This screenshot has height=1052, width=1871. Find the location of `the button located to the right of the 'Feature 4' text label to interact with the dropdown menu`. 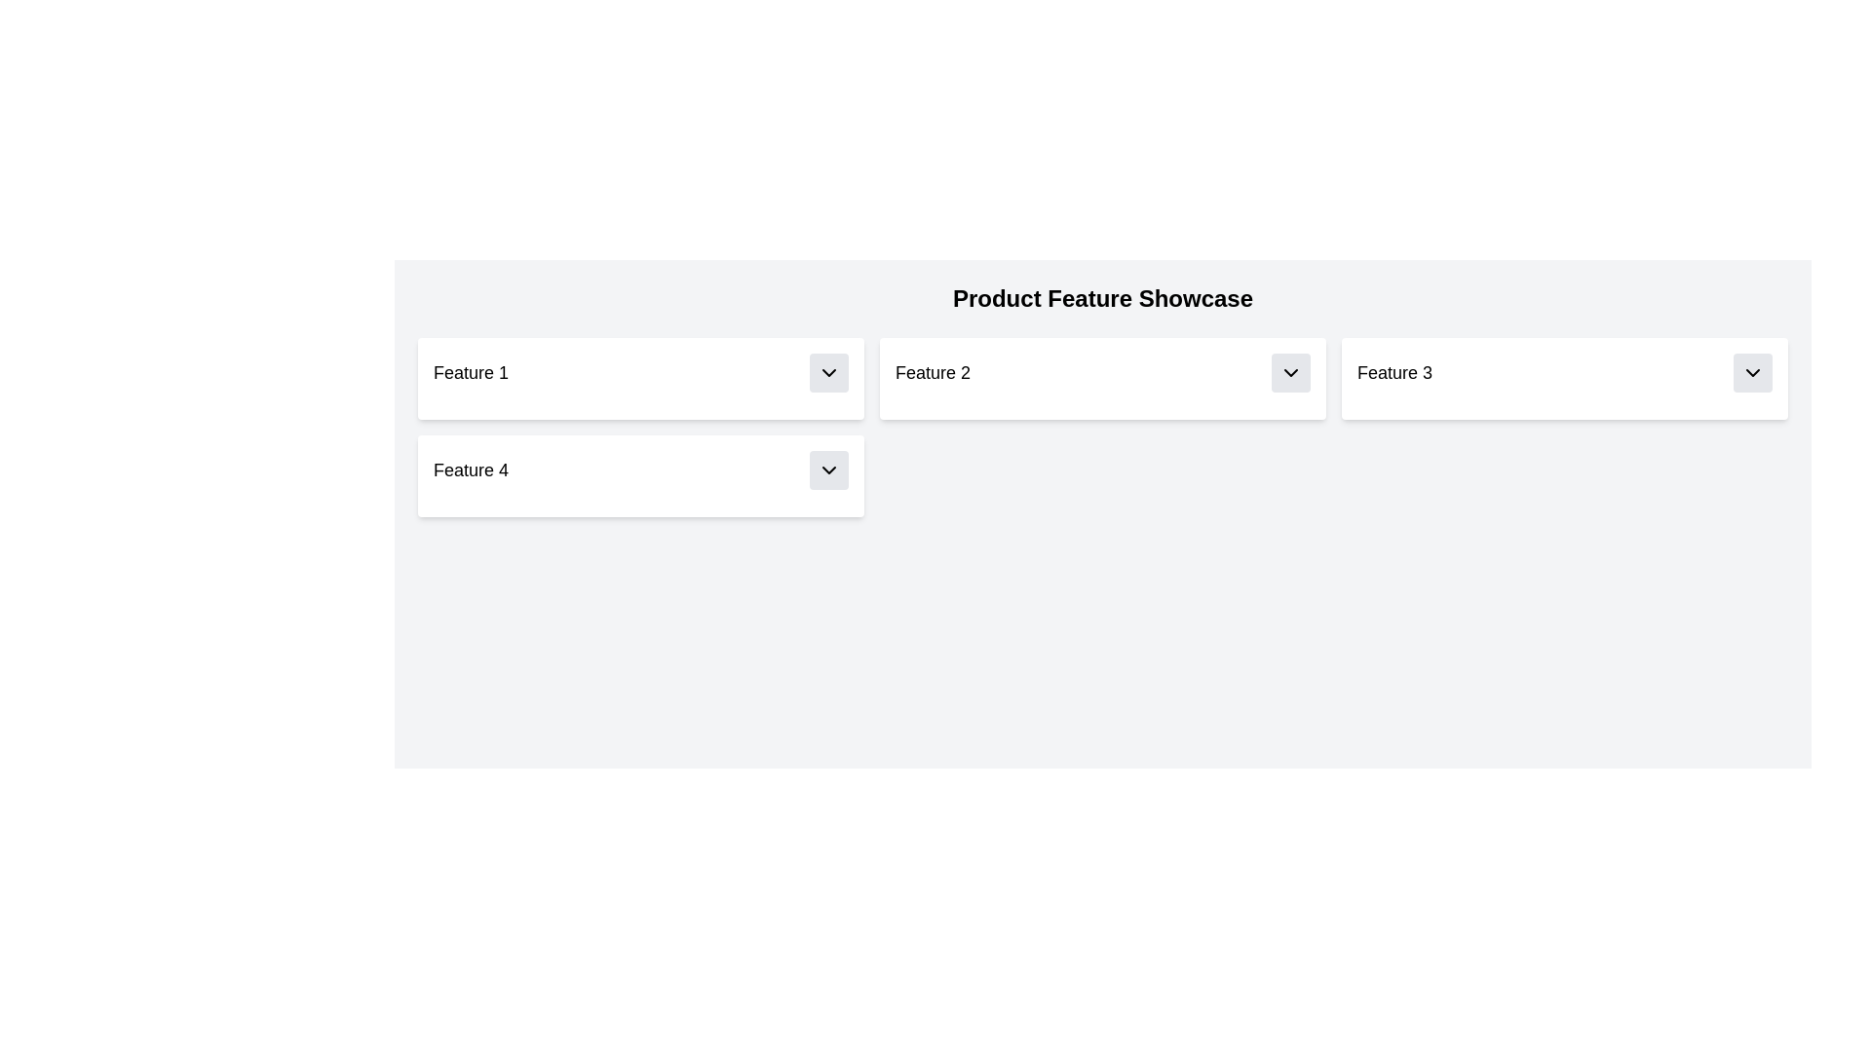

the button located to the right of the 'Feature 4' text label to interact with the dropdown menu is located at coordinates (828, 470).